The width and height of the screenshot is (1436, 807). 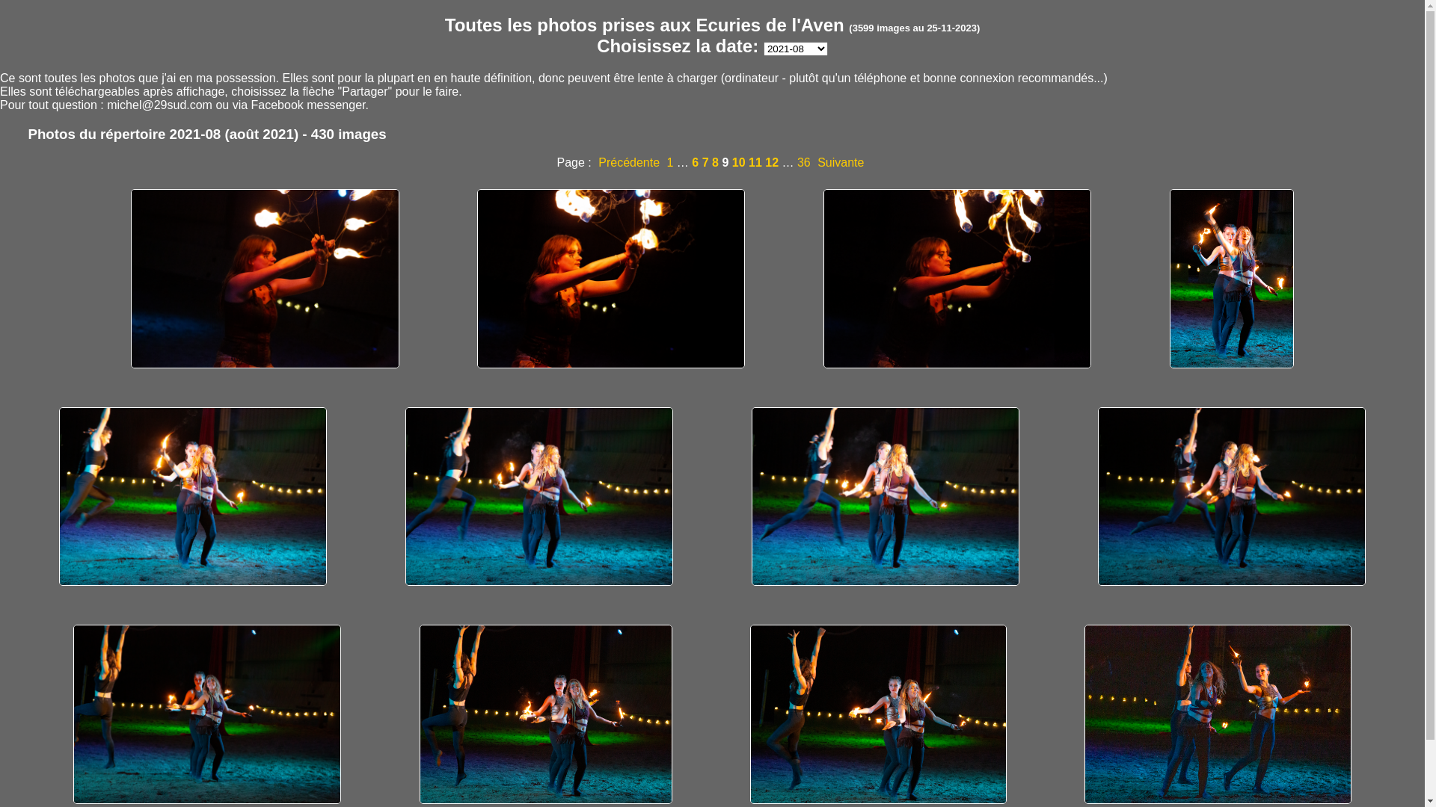 What do you see at coordinates (702, 162) in the screenshot?
I see `'7'` at bounding box center [702, 162].